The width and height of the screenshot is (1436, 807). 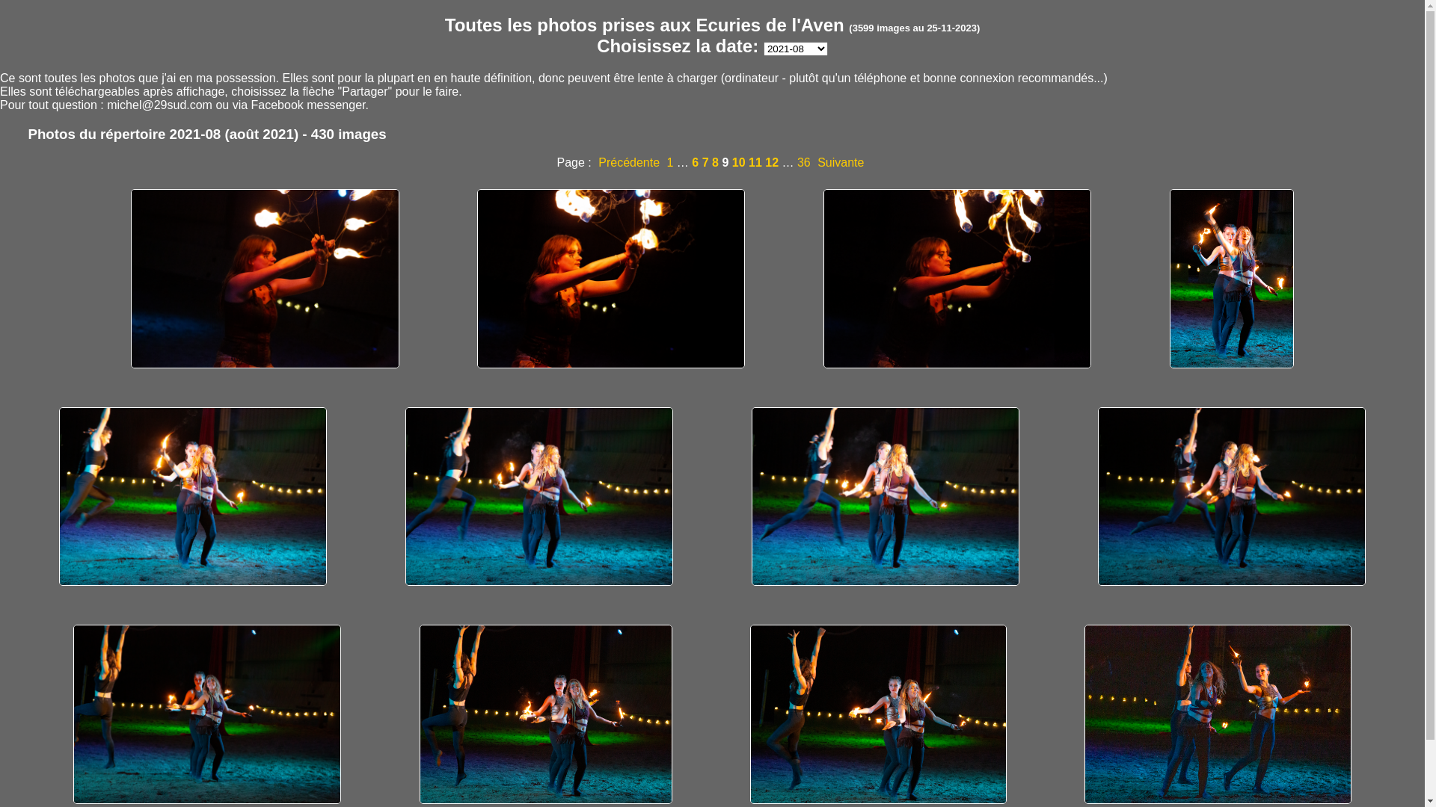 What do you see at coordinates (702, 162) in the screenshot?
I see `'7'` at bounding box center [702, 162].